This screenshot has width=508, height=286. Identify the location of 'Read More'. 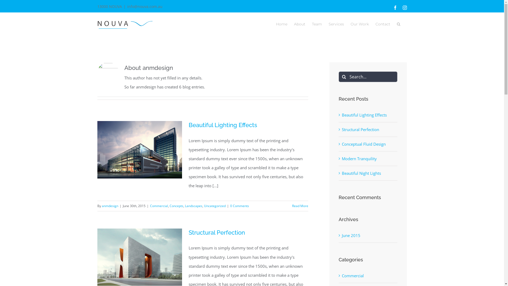
(300, 205).